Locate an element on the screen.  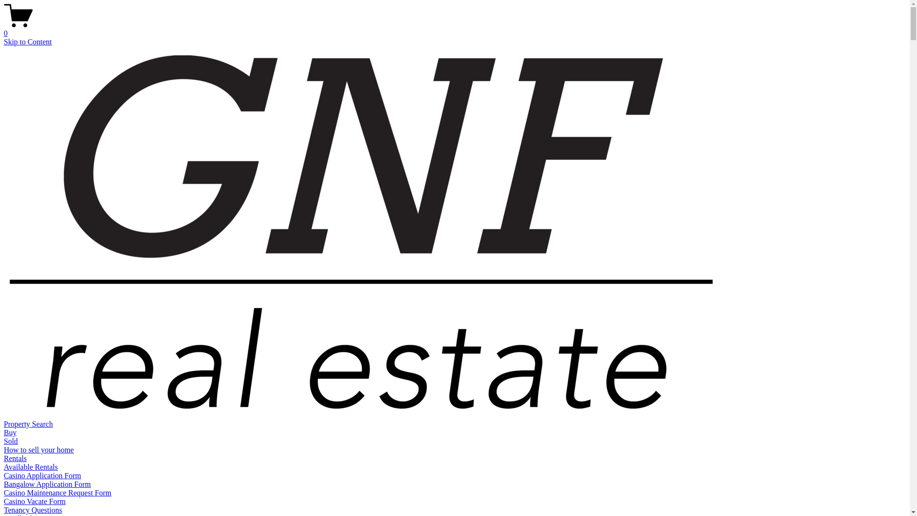
'Buy' is located at coordinates (10, 432).